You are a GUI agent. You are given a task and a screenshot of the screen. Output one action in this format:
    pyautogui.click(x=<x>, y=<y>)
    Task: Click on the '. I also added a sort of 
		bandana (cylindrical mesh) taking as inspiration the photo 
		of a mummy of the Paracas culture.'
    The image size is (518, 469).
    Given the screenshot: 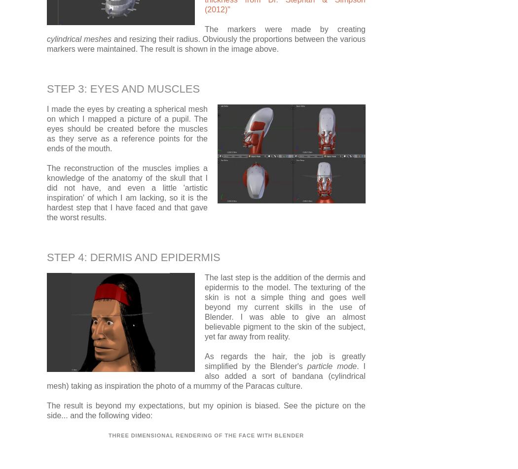 What is the action you would take?
    pyautogui.click(x=206, y=375)
    